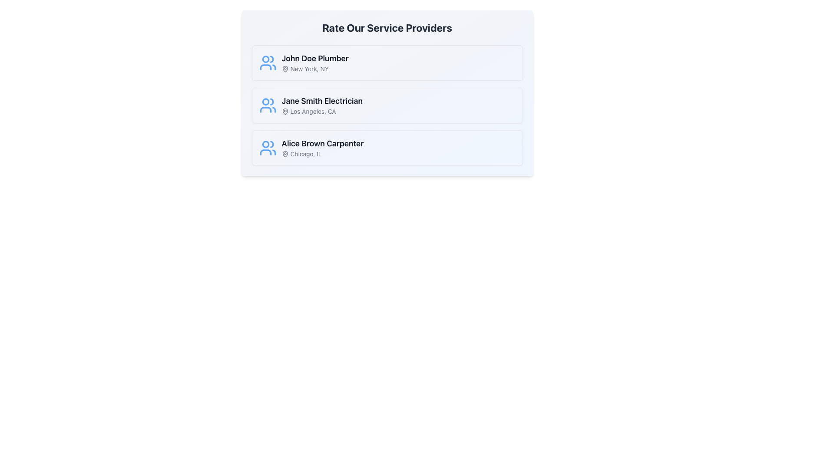  Describe the element at coordinates (311, 147) in the screenshot. I see `the display entry for the service provider 'Alice Brown Carpenter', which is the third item in a vertical list of service providers` at that location.